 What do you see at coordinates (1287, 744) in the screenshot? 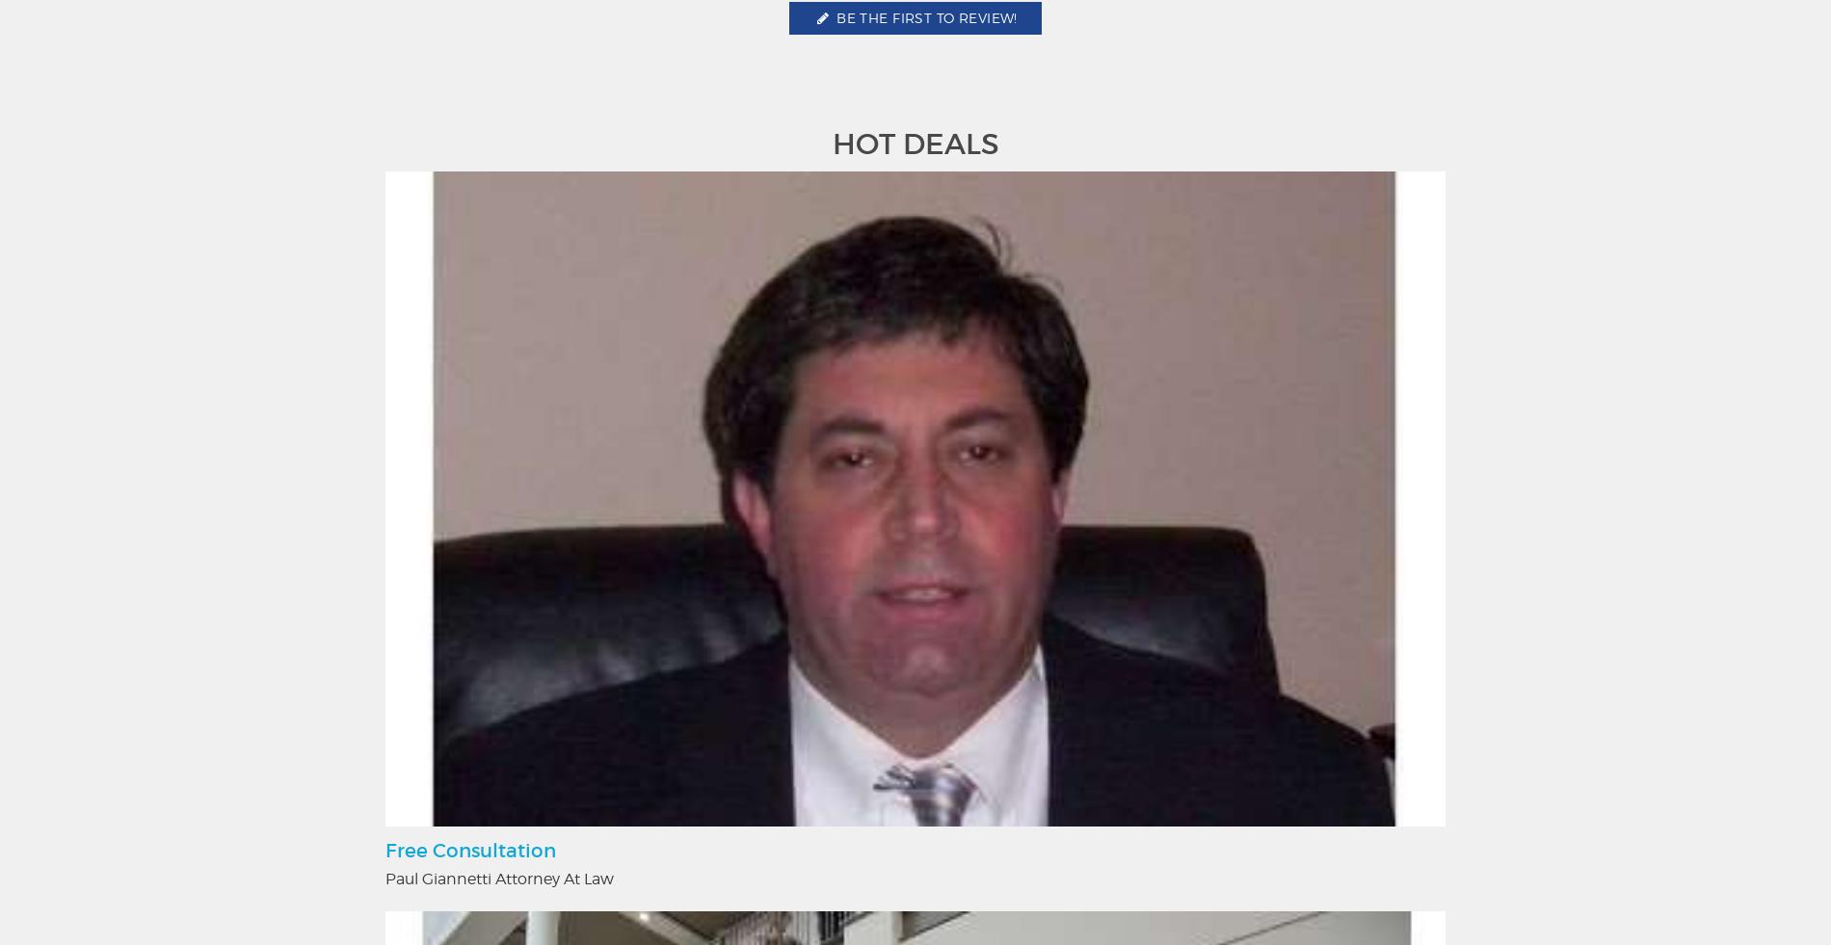
I see `'Sweepstakes'` at bounding box center [1287, 744].